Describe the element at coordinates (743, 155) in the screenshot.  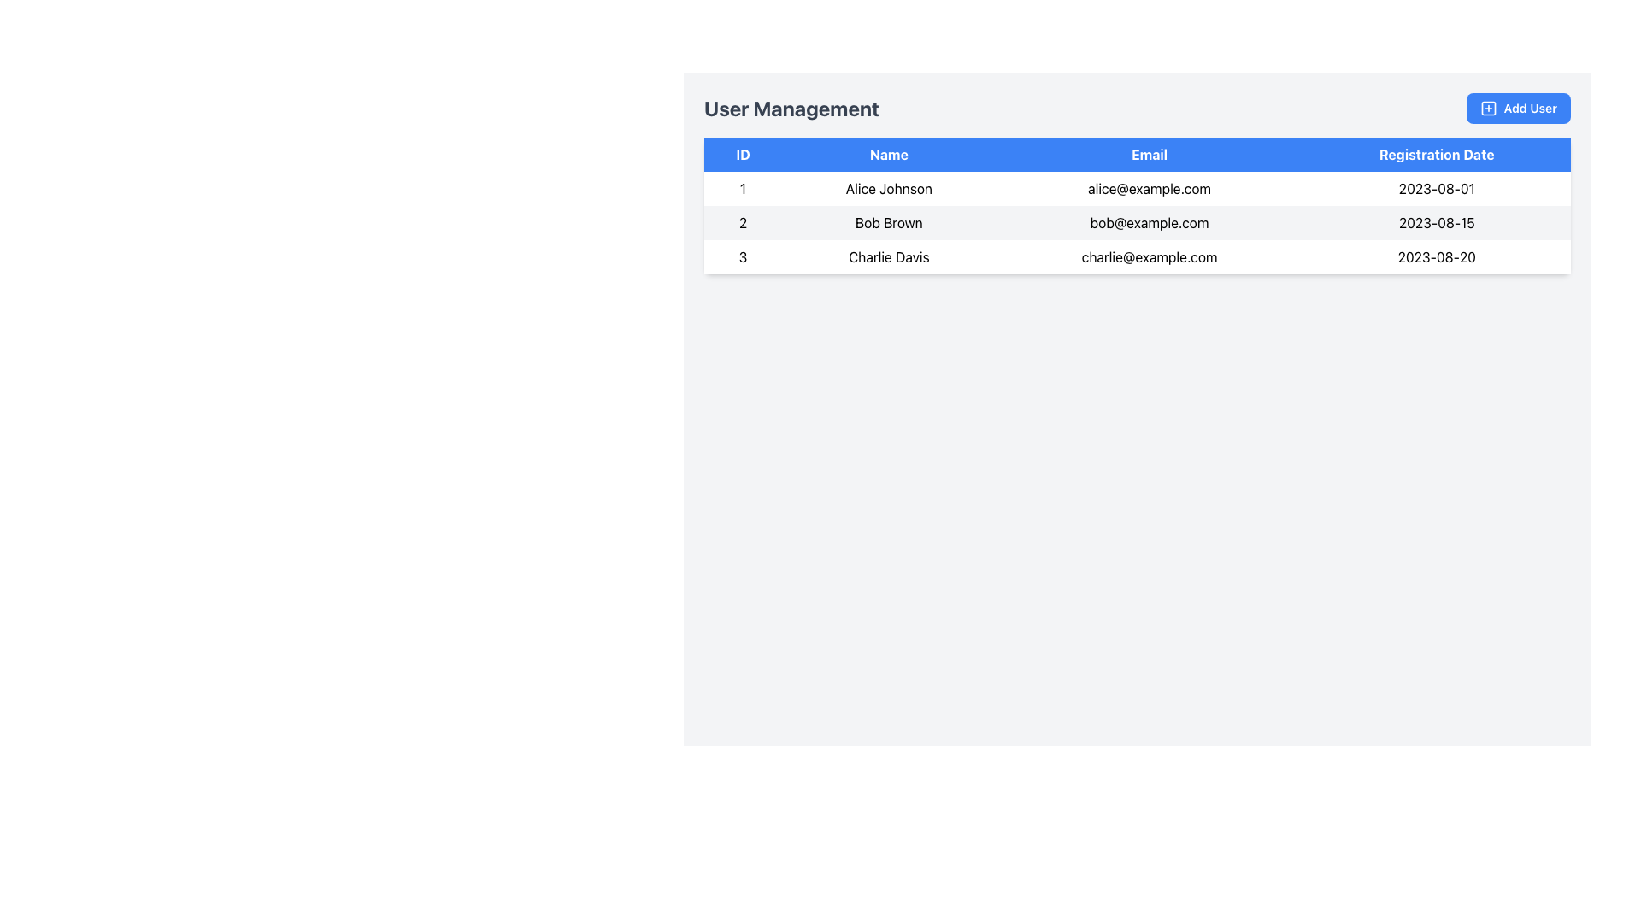
I see `the 'ID' column header in the user management table` at that location.